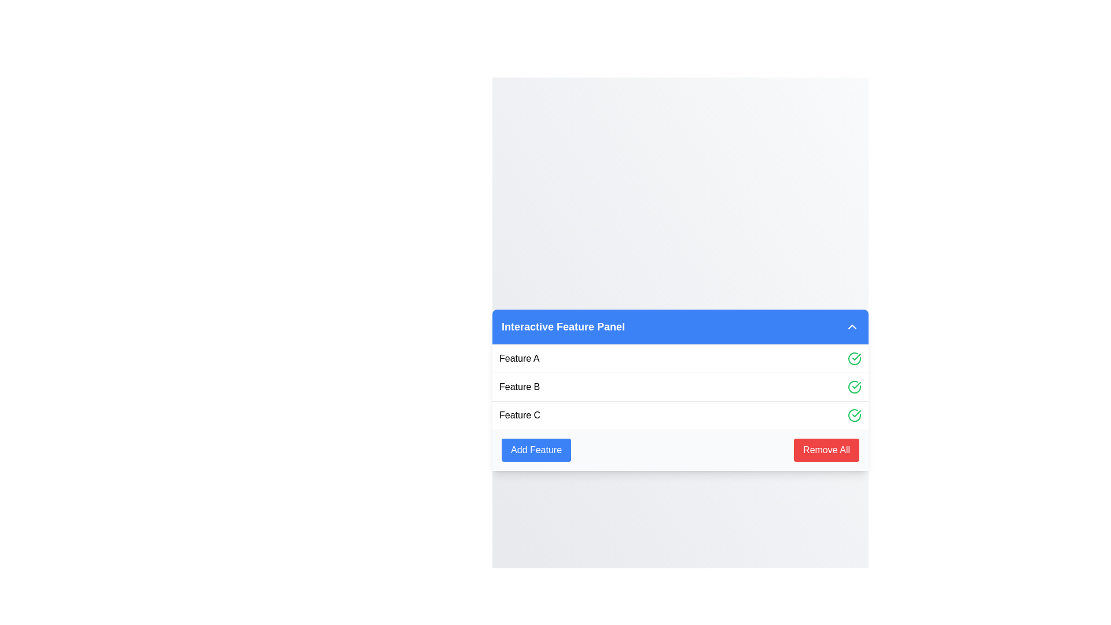 The image size is (1111, 625). What do you see at coordinates (855, 358) in the screenshot?
I see `the green circular icon with a white checkmark, which signifies success or confirmation, located at the rightmost end of the row containing 'Feature A'` at bounding box center [855, 358].